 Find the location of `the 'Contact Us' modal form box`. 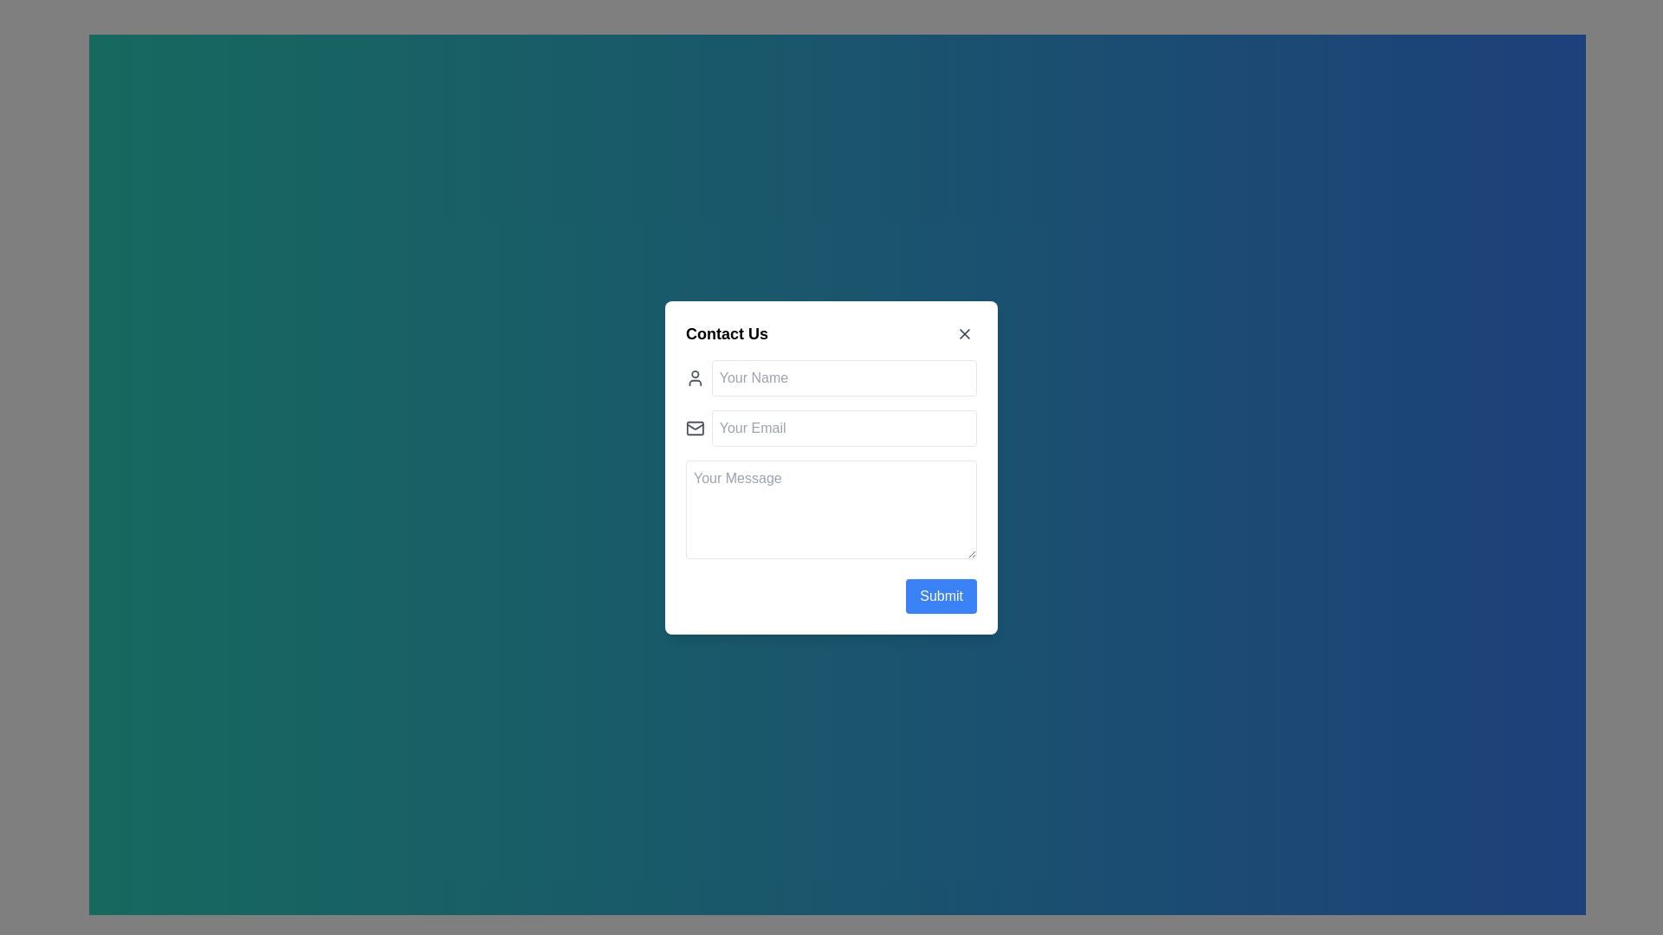

the 'Contact Us' modal form box is located at coordinates (831, 467).